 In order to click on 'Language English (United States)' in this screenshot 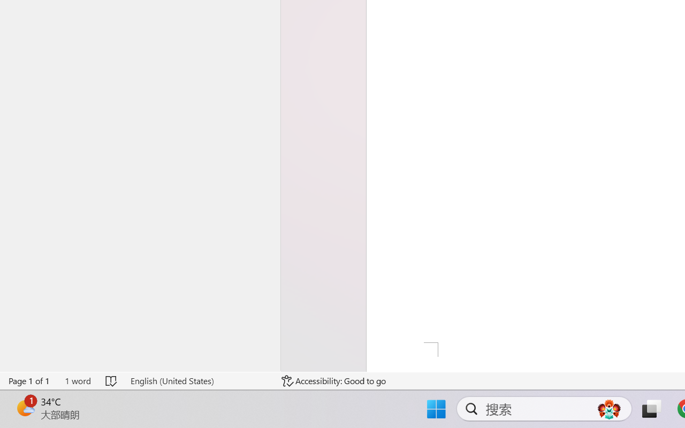, I will do `click(199, 380)`.